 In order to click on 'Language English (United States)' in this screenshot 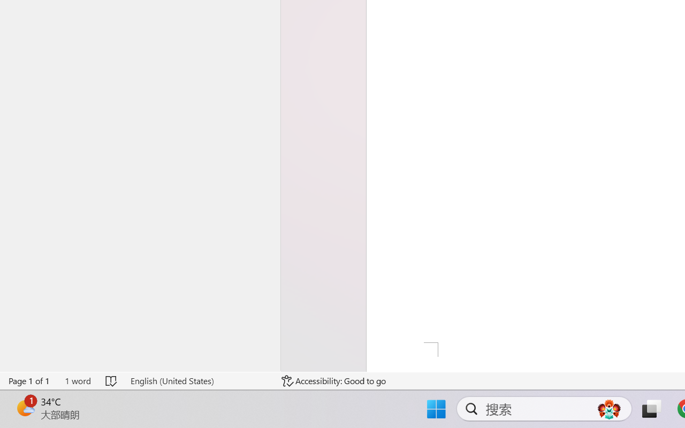, I will do `click(199, 380)`.